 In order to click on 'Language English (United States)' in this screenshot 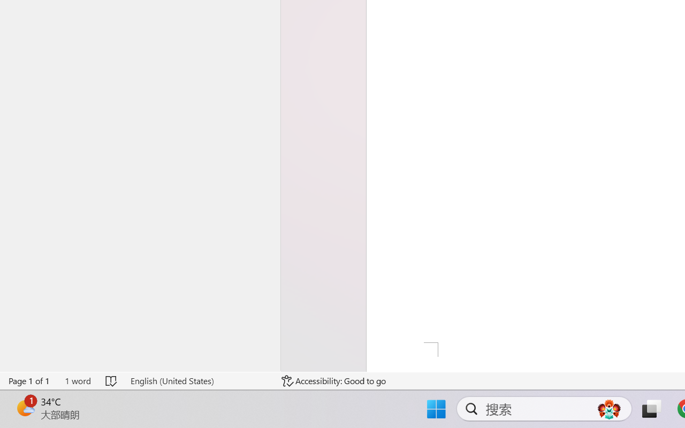, I will do `click(199, 380)`.